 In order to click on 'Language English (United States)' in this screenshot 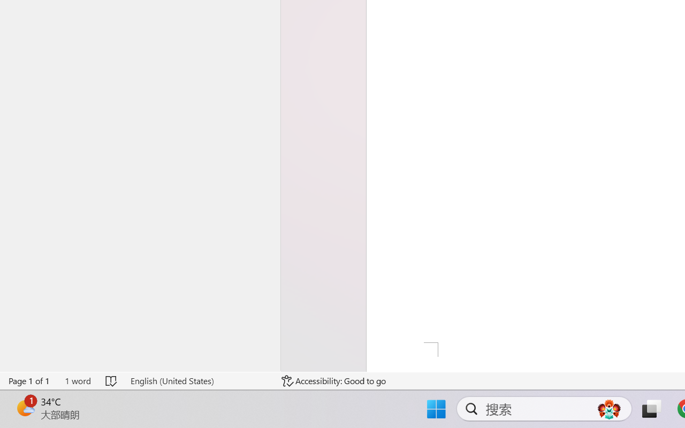, I will do `click(199, 380)`.